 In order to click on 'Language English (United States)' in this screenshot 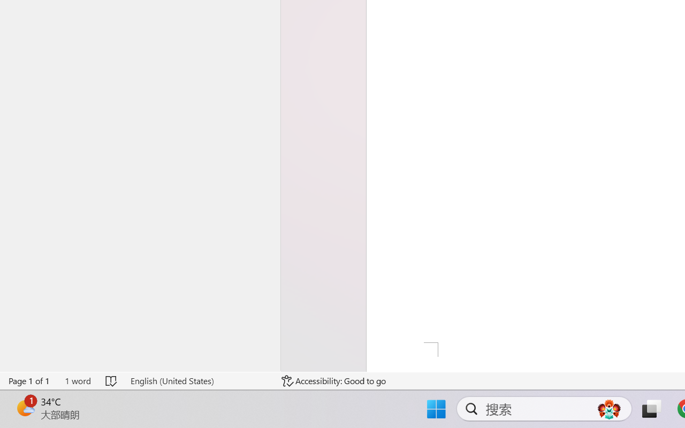, I will do `click(199, 380)`.